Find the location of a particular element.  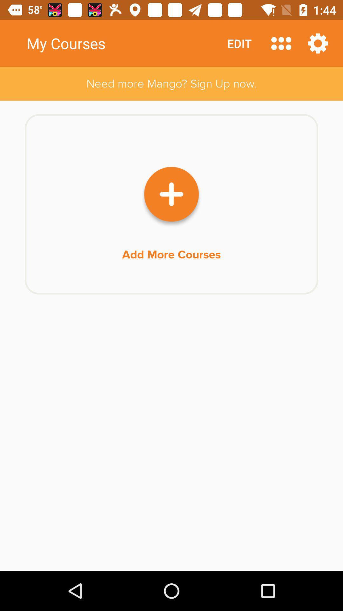

another options is located at coordinates (281, 43).